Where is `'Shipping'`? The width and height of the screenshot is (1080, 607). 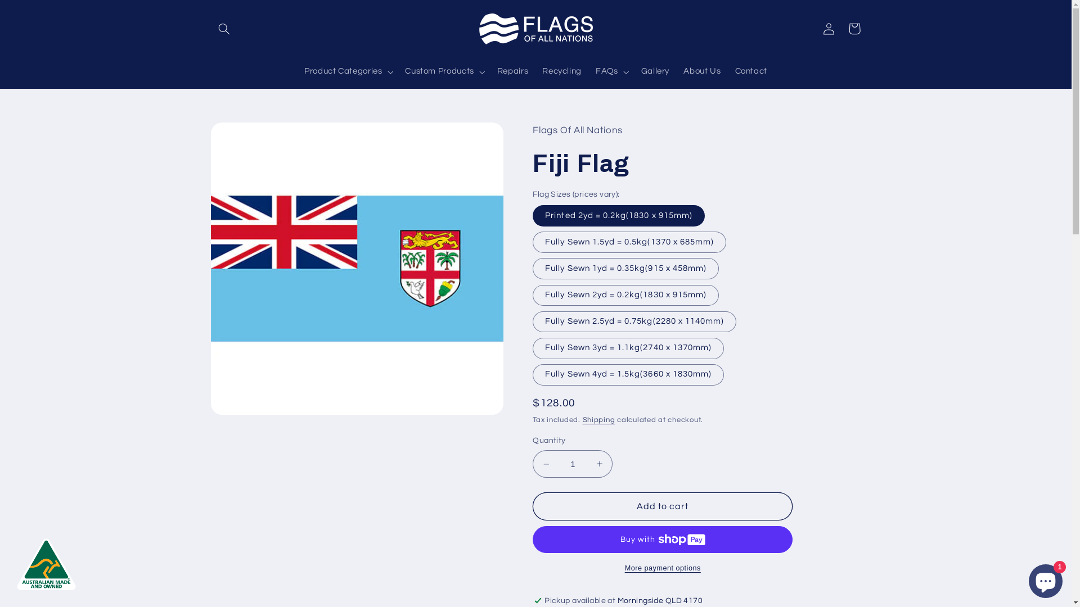
'Shipping' is located at coordinates (598, 420).